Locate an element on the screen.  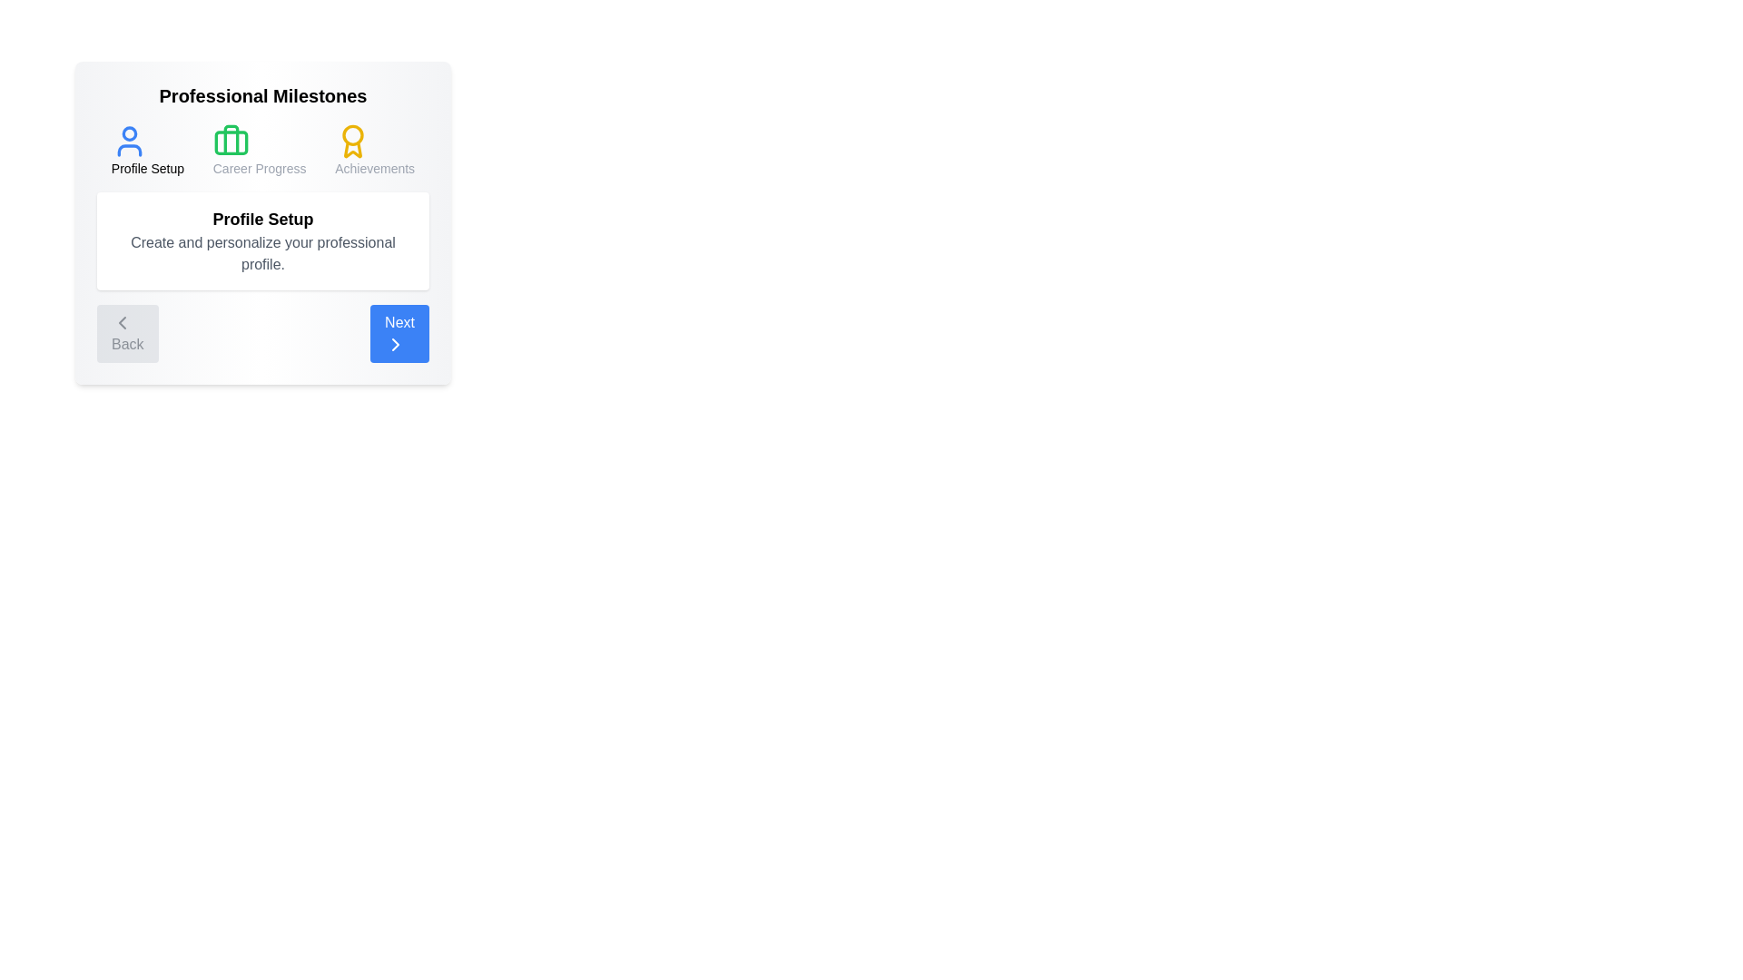
the icon representing the Achievements stage to view its details is located at coordinates (353, 140).